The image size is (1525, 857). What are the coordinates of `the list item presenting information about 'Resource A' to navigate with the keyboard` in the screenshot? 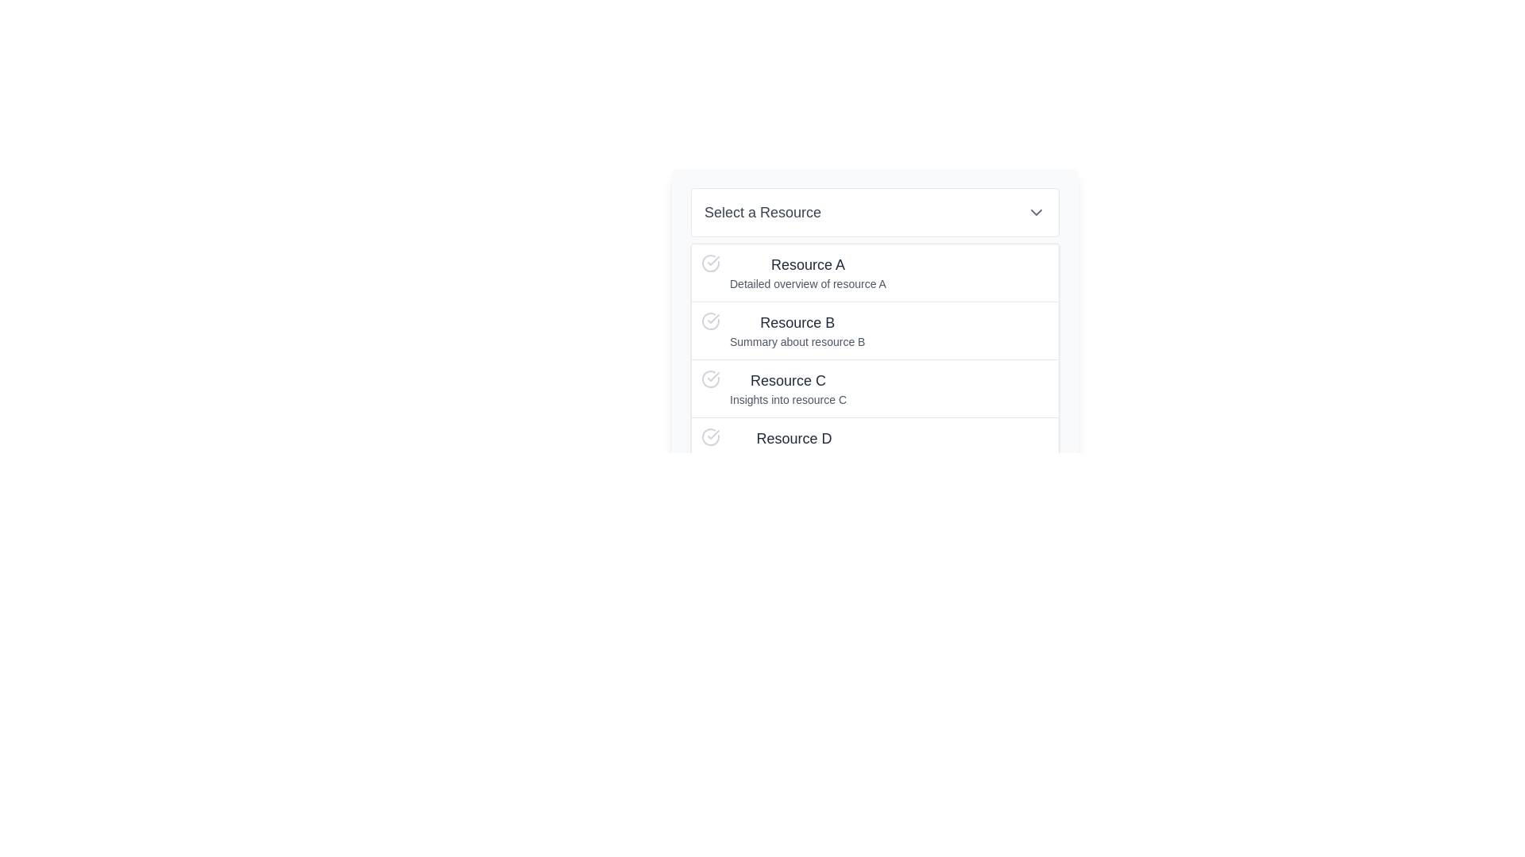 It's located at (874, 271).